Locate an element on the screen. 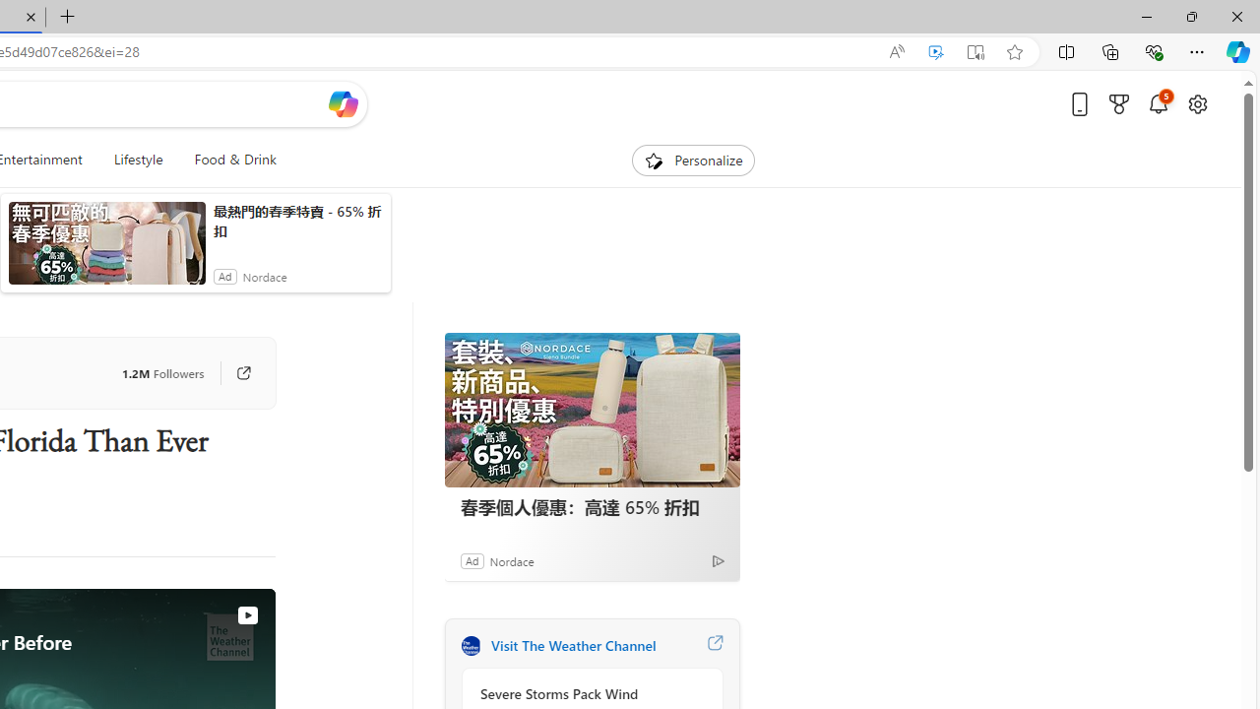 The image size is (1260, 709). 'View on Watch View on Watch' is located at coordinates (202, 613).